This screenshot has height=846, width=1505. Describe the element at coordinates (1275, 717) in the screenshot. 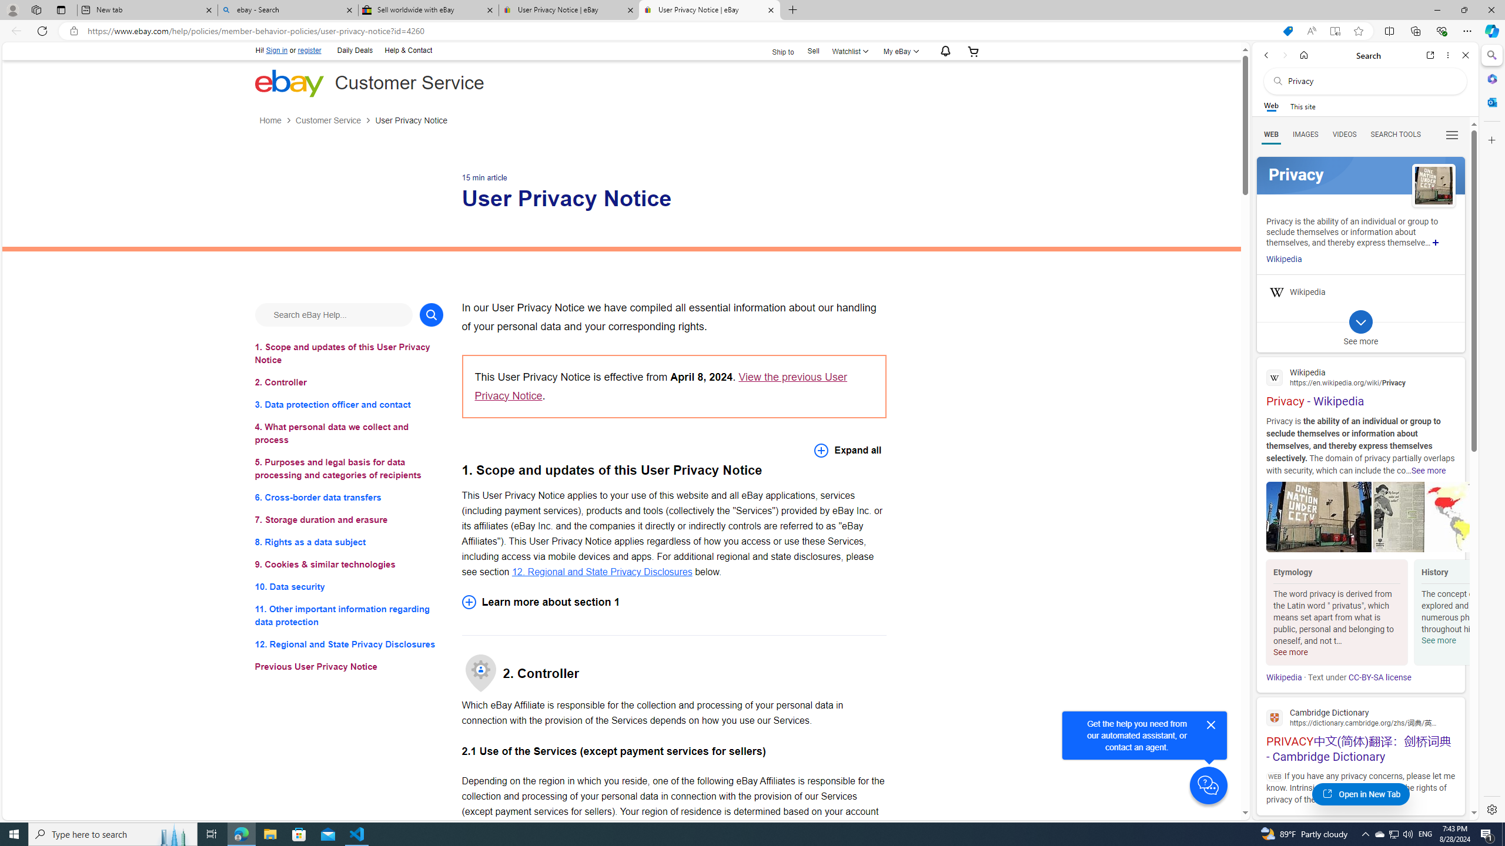

I see `'Global web icon'` at that location.